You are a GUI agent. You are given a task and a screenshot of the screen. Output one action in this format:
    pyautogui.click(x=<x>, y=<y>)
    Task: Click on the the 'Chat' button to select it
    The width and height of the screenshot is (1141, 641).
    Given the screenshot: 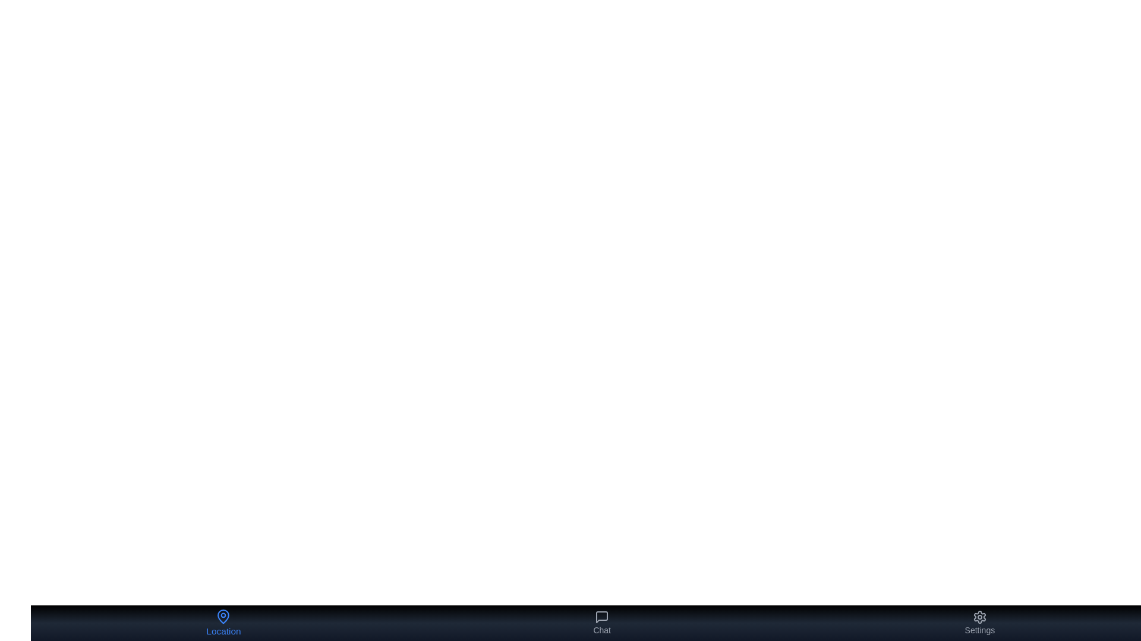 What is the action you would take?
    pyautogui.click(x=602, y=622)
    